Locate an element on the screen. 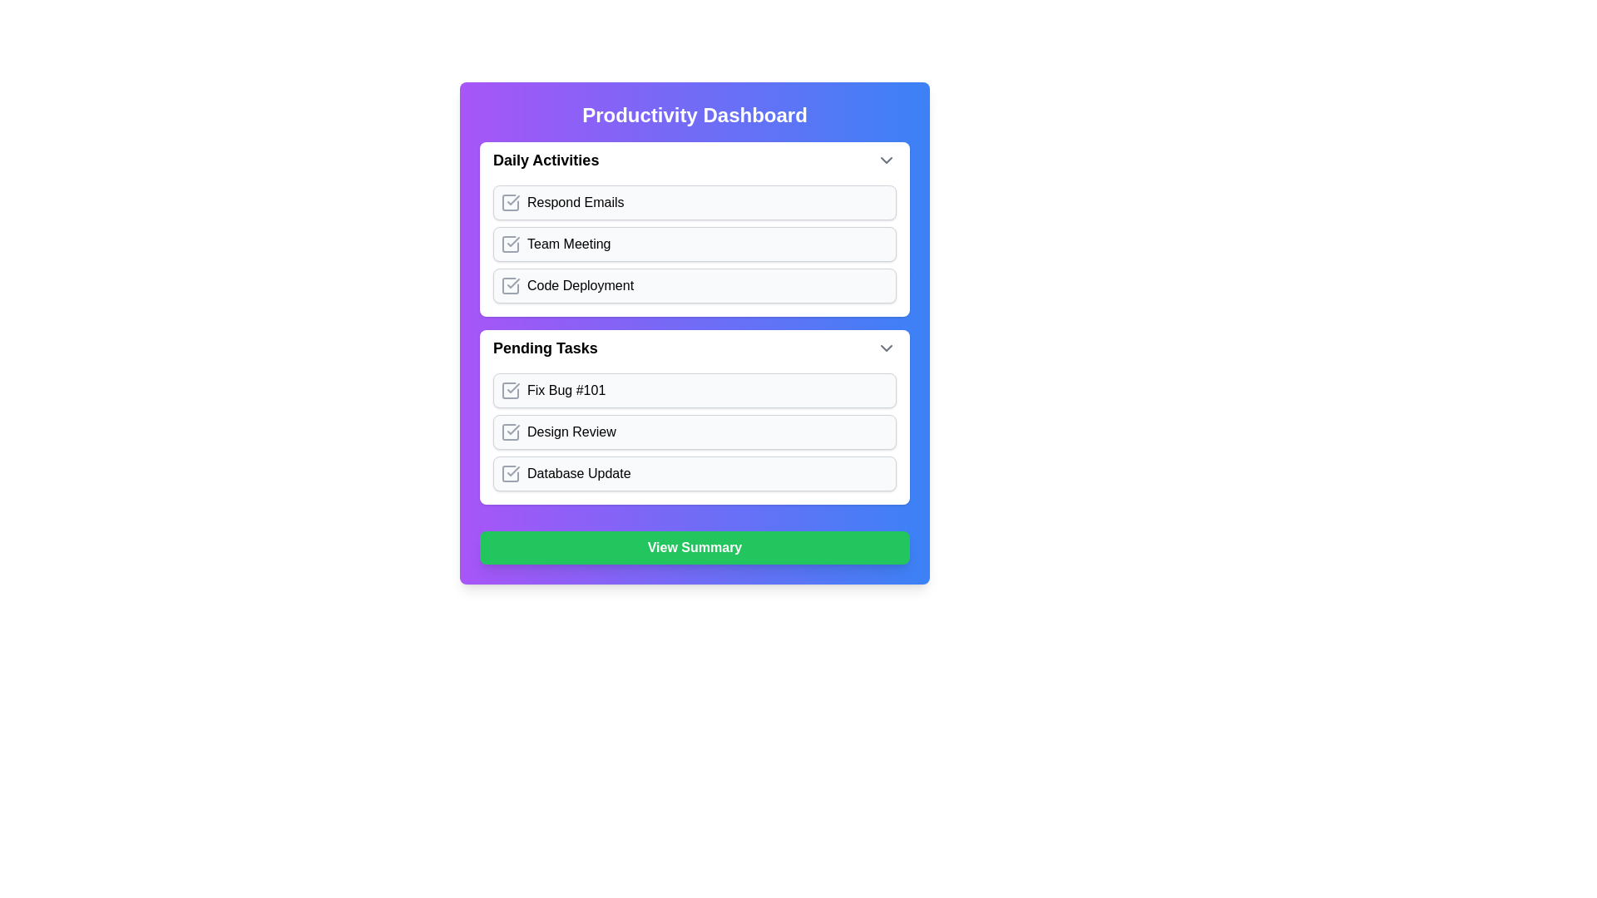 The height and width of the screenshot is (898, 1597). the checkbox outline within the 'Design Review' task item in the 'Pending Tasks' section is located at coordinates (510, 432).